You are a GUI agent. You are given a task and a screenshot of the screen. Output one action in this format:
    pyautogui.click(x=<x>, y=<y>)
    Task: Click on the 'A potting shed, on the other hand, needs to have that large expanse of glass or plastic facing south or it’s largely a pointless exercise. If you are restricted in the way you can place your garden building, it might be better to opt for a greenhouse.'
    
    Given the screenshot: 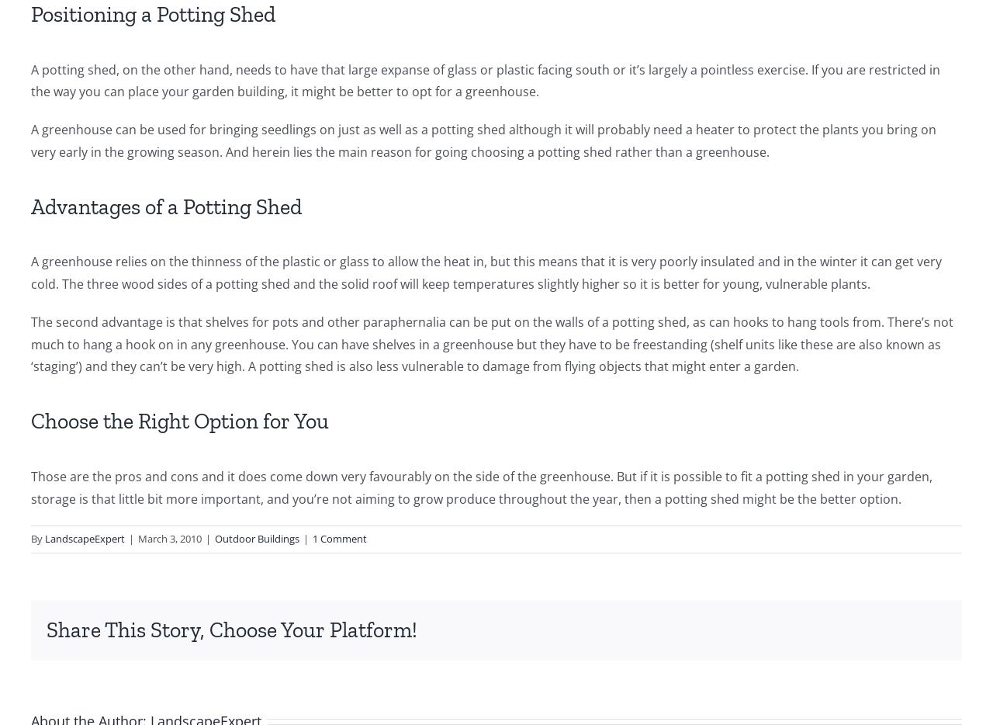 What is the action you would take?
    pyautogui.click(x=30, y=79)
    